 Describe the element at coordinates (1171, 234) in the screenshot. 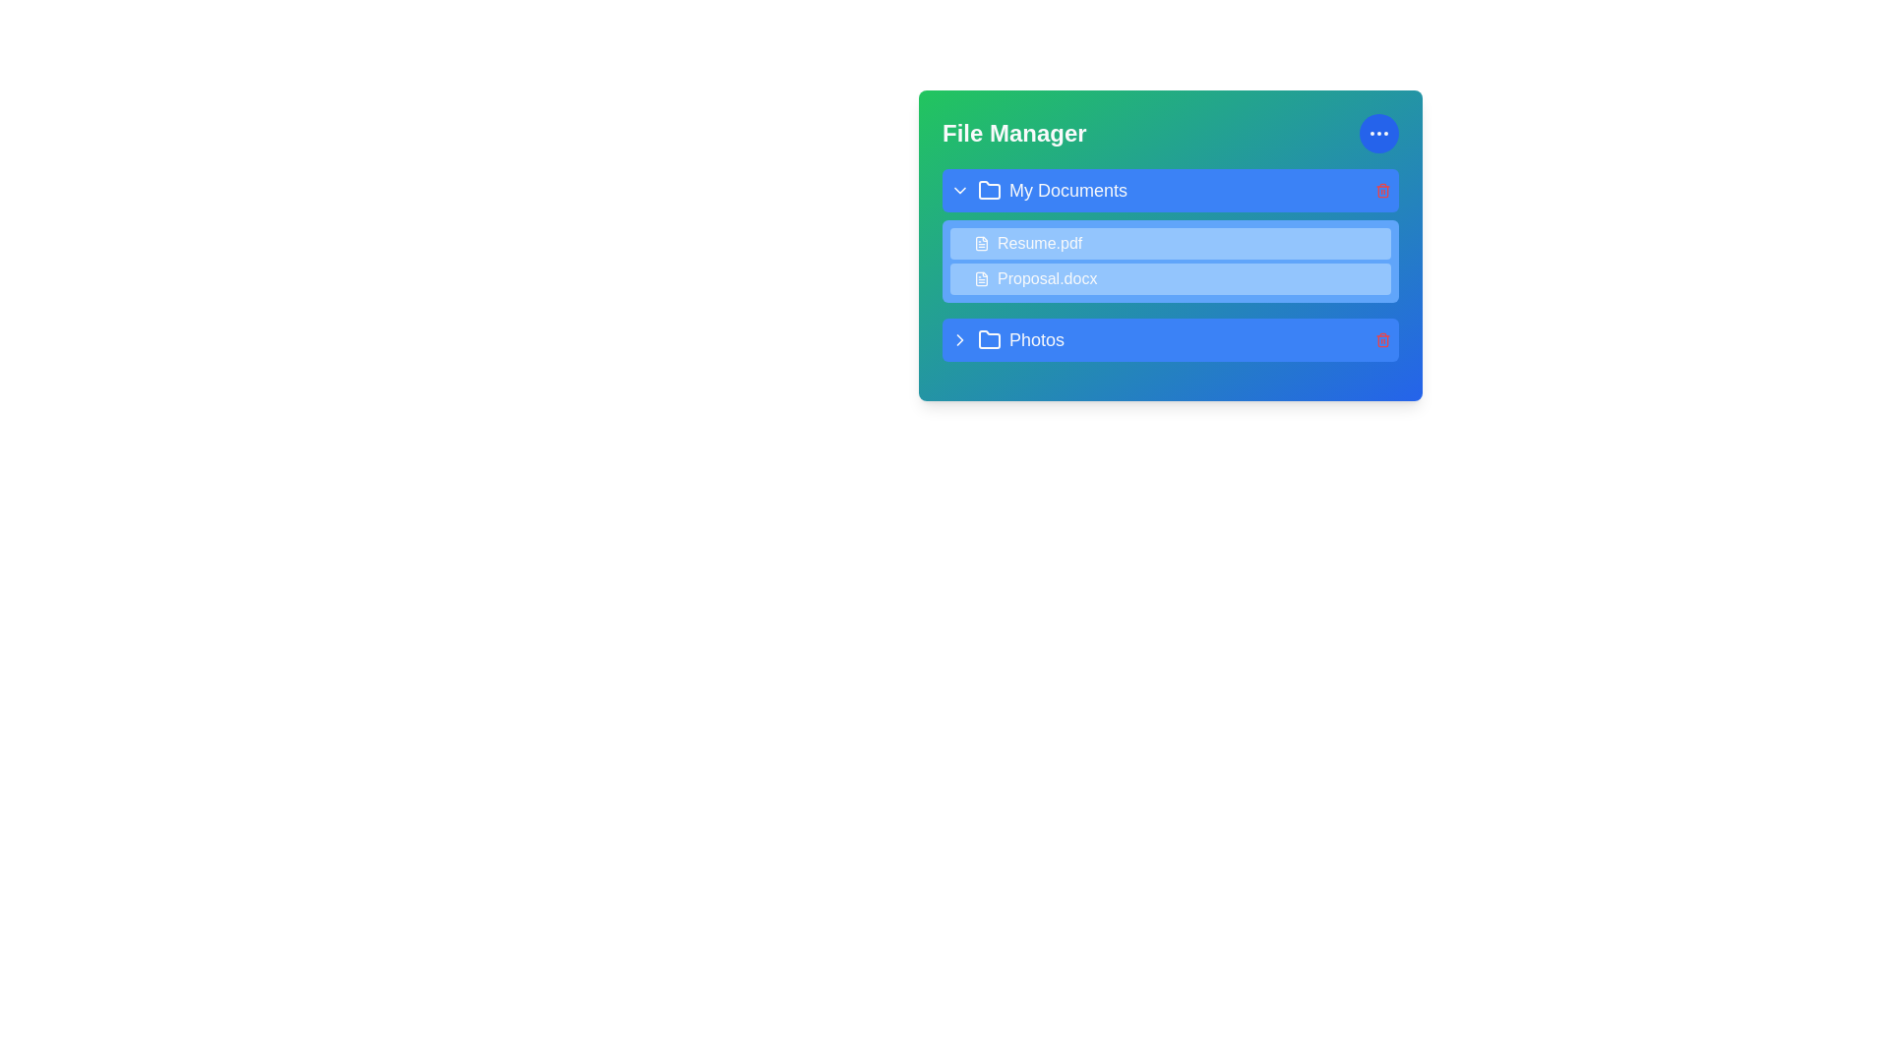

I see `the files 'Resume.pdf' and 'Proposal.docx' from the expandable section content element with a blue background and rounded corners, located beneath the 'My Documents' heading in the 'File Manager' interface` at that location.